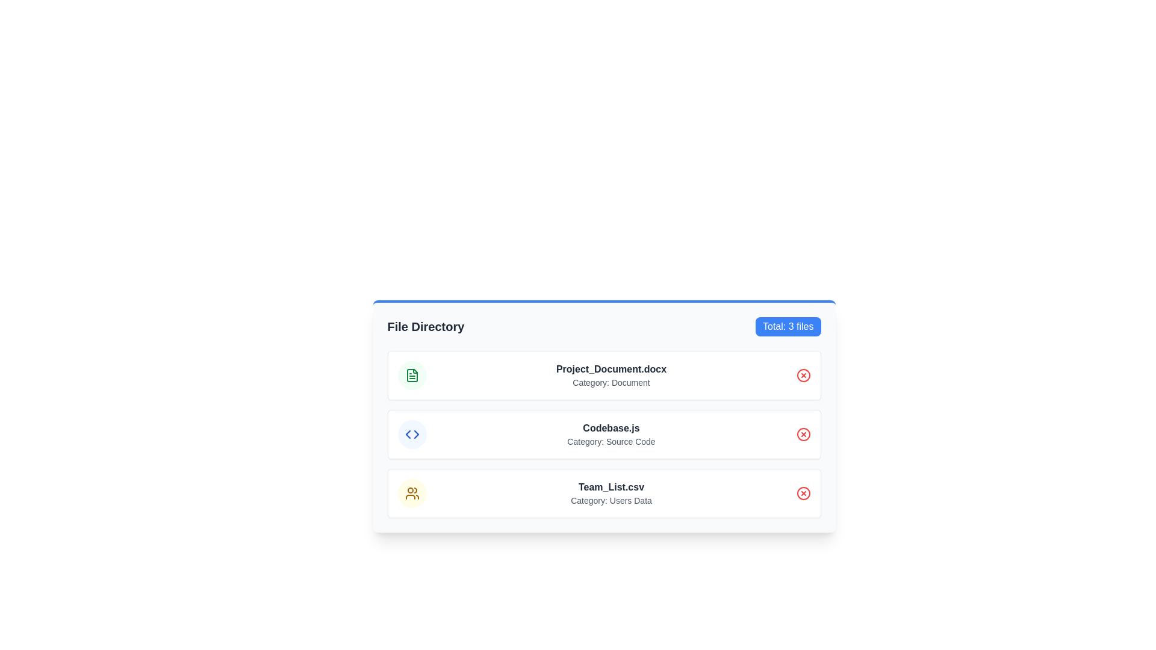 This screenshot has width=1156, height=650. I want to click on the document icon with a green outline located at the start of the row labeled 'Project_Document.docx', so click(412, 375).